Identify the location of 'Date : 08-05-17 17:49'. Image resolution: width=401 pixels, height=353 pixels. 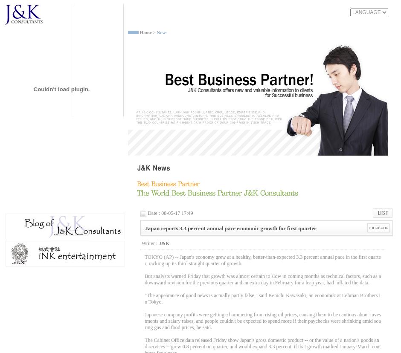
(170, 213).